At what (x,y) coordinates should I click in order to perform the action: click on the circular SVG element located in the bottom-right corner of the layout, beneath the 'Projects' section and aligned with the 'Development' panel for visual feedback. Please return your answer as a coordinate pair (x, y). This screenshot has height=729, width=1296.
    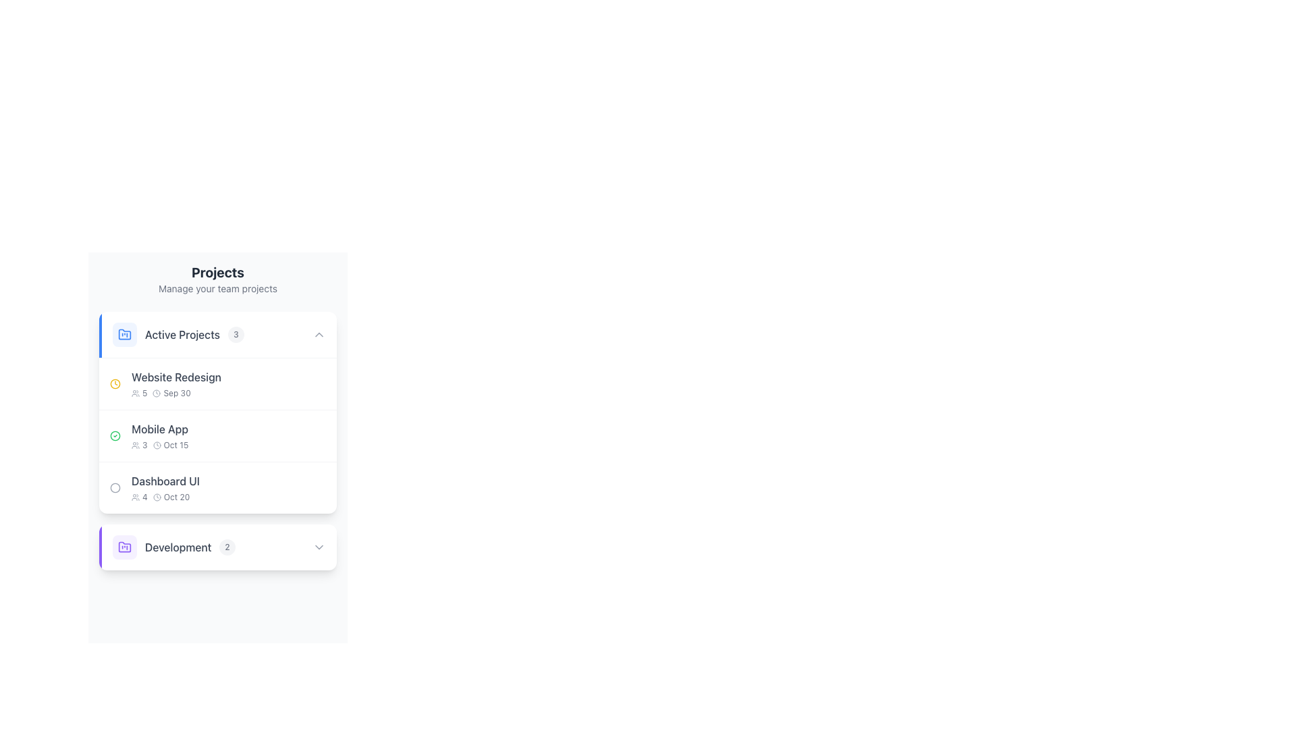
    Looking at the image, I should click on (316, 647).